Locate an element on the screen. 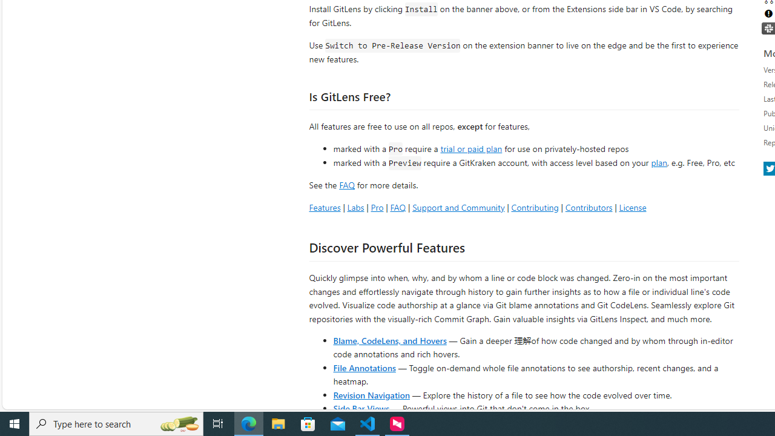 The height and width of the screenshot is (436, 775). 'Visual Studio Code - 1 running window' is located at coordinates (367, 423).